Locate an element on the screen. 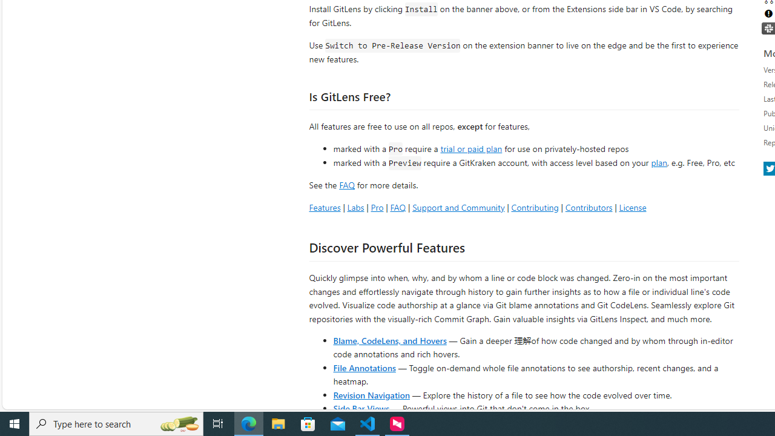 The height and width of the screenshot is (436, 775). 'Visual Studio Code - 1 running window' is located at coordinates (367, 423).